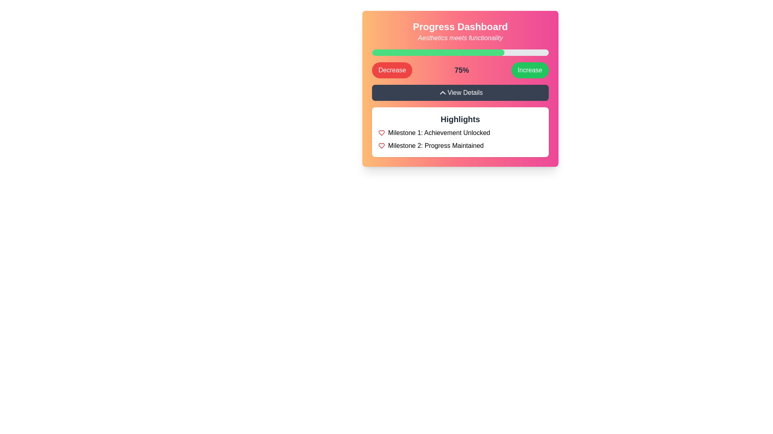  What do you see at coordinates (442, 92) in the screenshot?
I see `the upward chevron icon located at the top center of the 'View Details' button` at bounding box center [442, 92].